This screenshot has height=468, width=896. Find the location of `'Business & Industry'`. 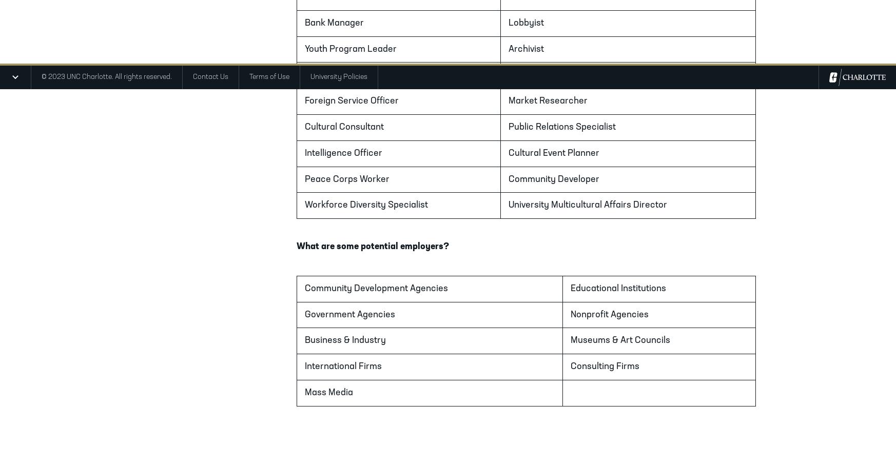

'Business & Industry' is located at coordinates (345, 340).